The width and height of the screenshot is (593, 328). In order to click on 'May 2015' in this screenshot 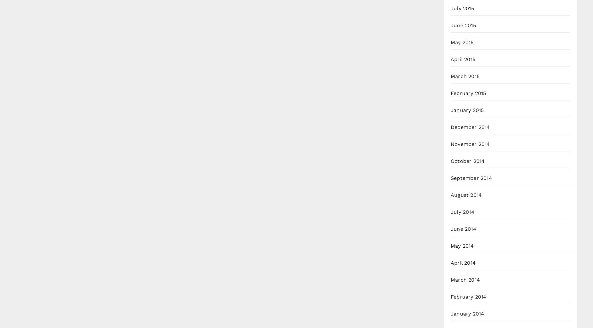, I will do `click(462, 42)`.